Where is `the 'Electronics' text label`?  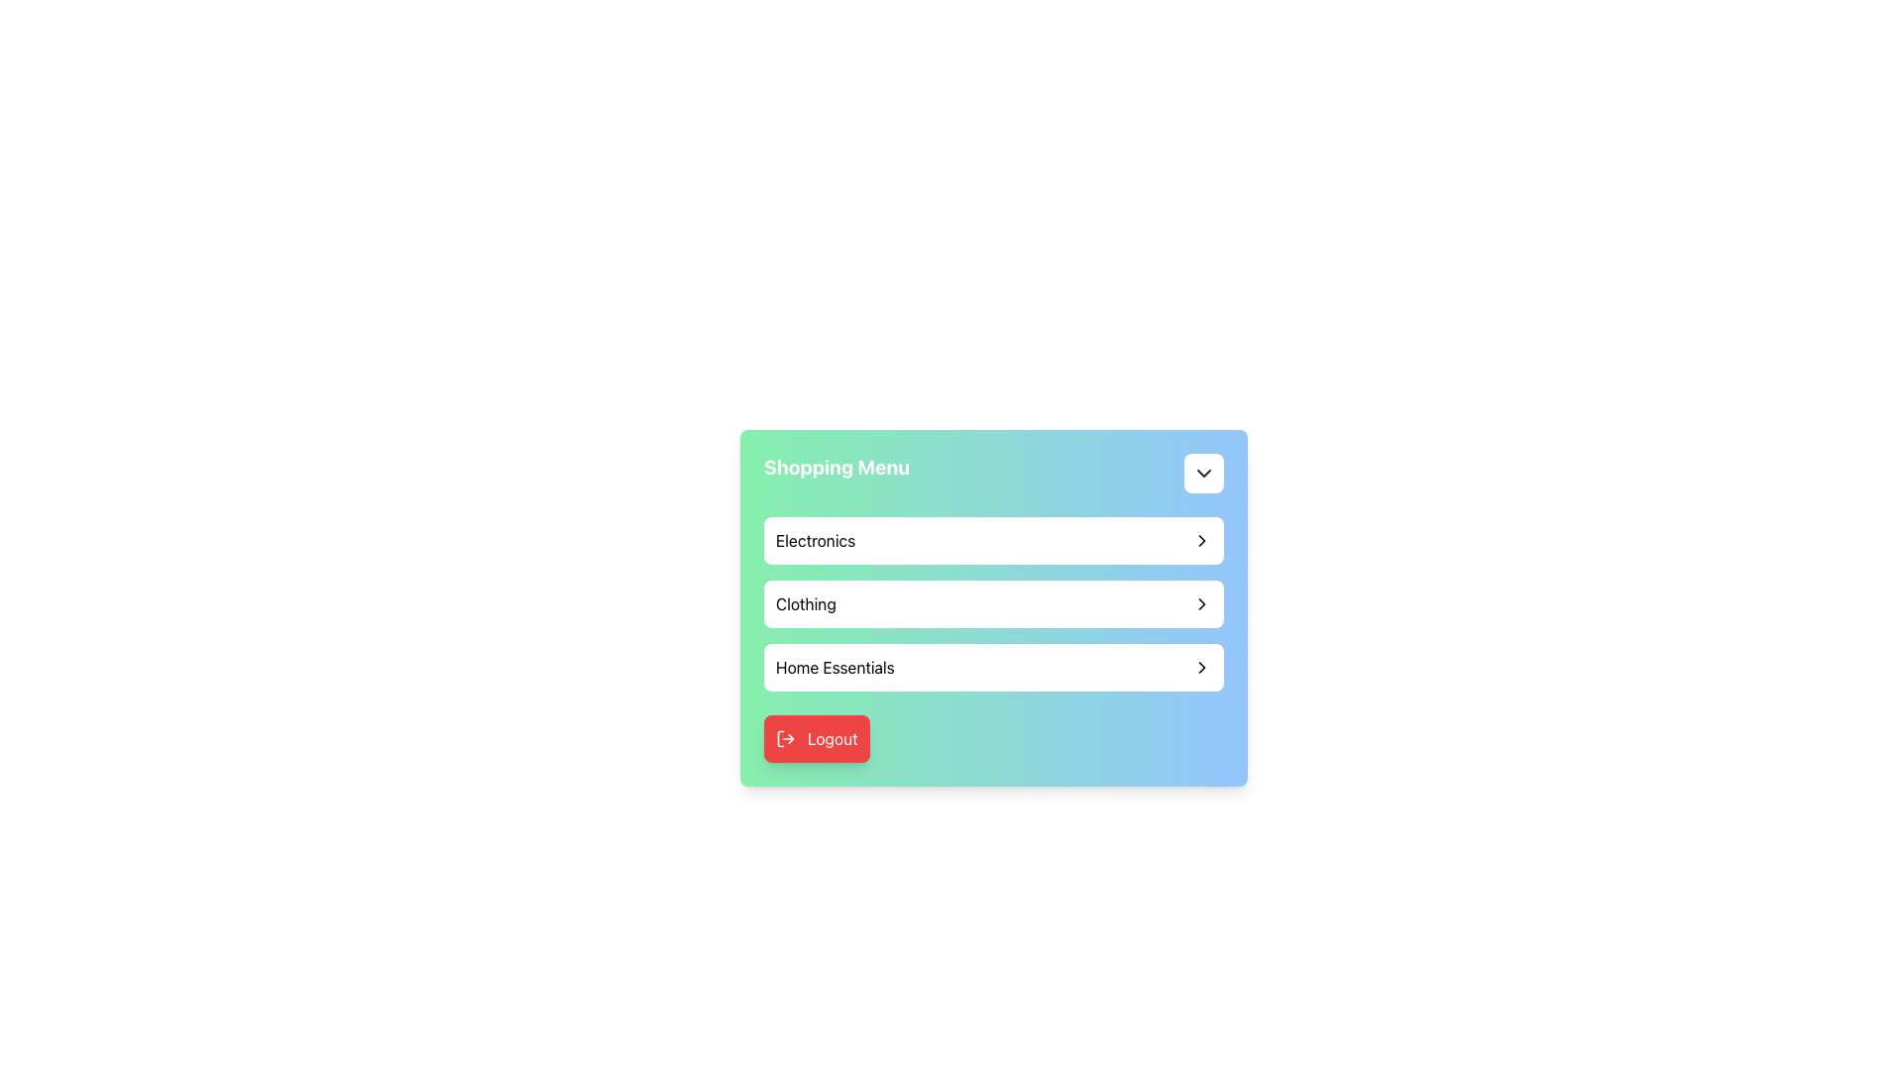
the 'Electronics' text label is located at coordinates (816, 541).